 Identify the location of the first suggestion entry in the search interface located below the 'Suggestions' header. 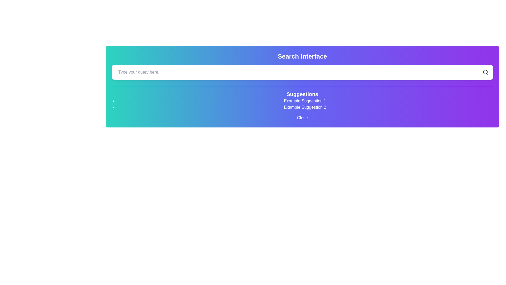
(305, 101).